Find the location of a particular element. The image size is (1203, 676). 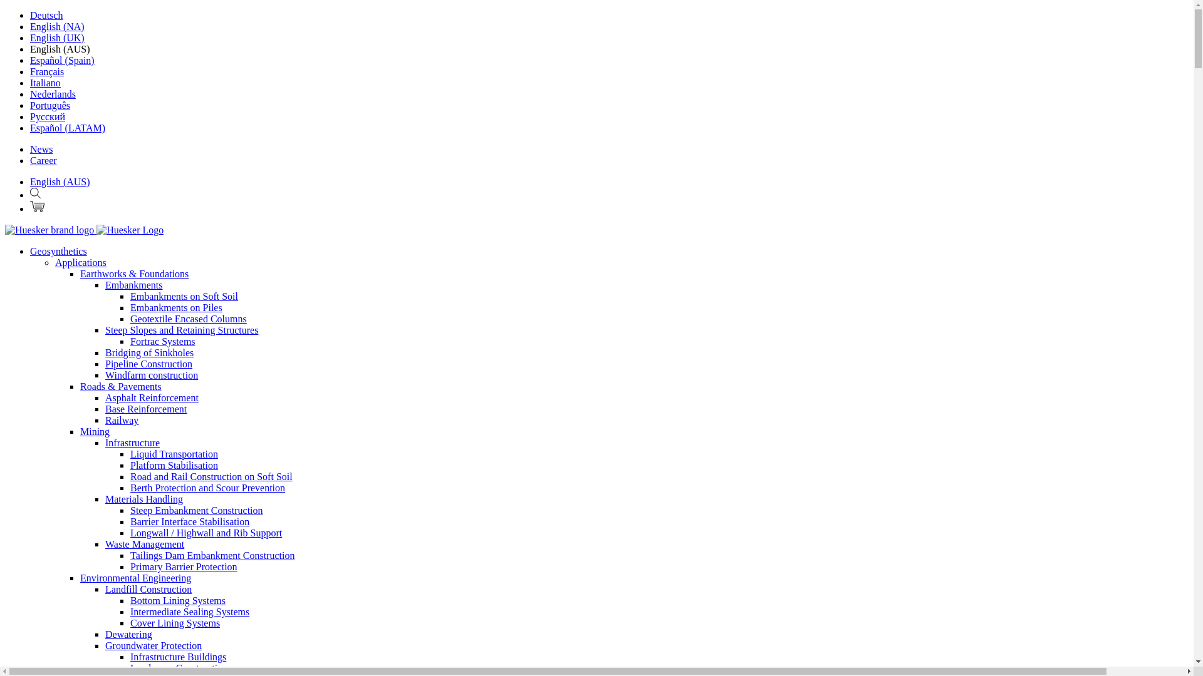

'Nederlands' is located at coordinates (52, 93).